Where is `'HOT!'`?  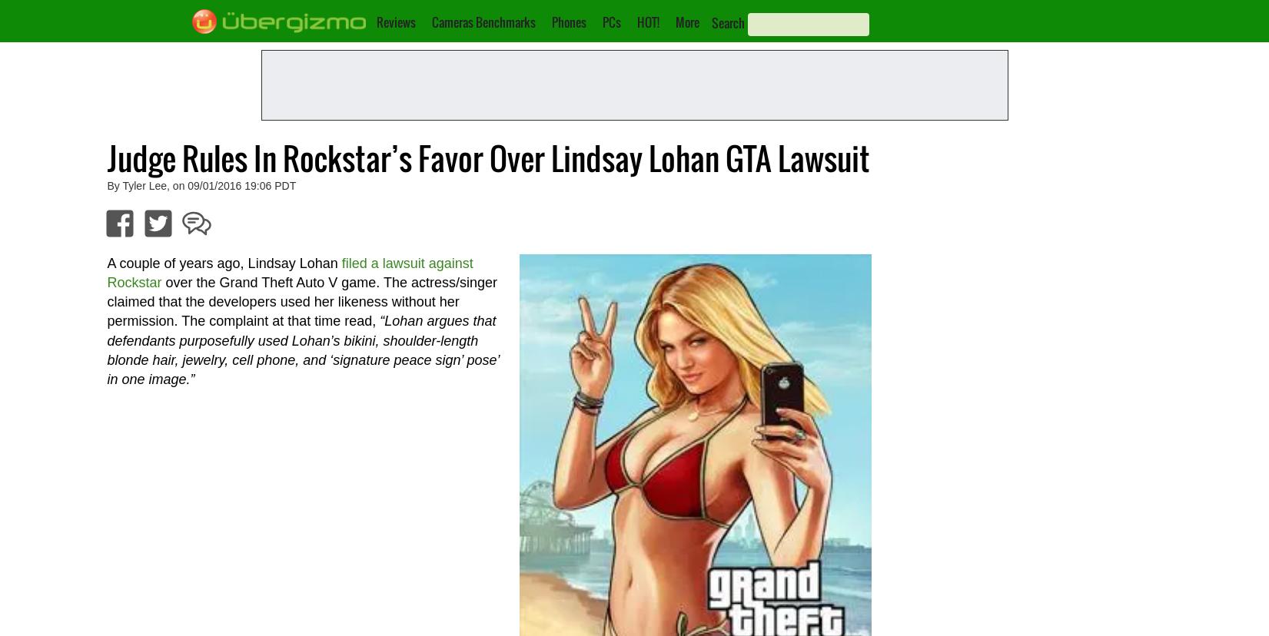
'HOT!' is located at coordinates (646, 22).